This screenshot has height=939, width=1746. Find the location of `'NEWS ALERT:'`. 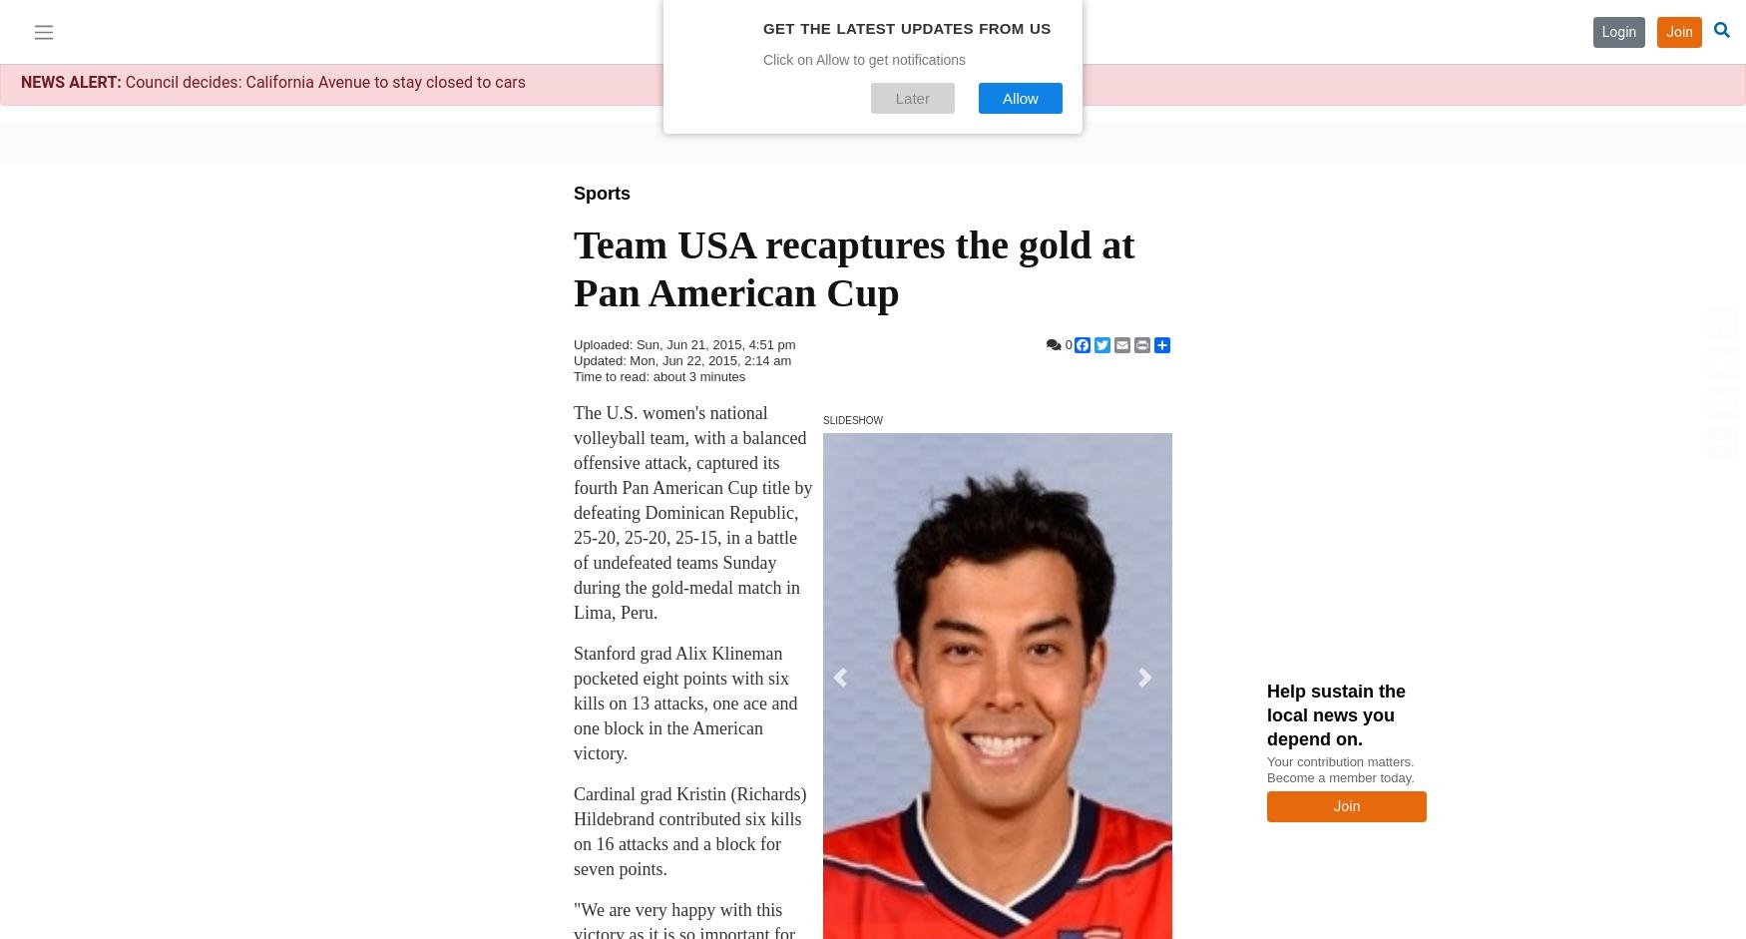

'NEWS ALERT:' is located at coordinates (71, 81).